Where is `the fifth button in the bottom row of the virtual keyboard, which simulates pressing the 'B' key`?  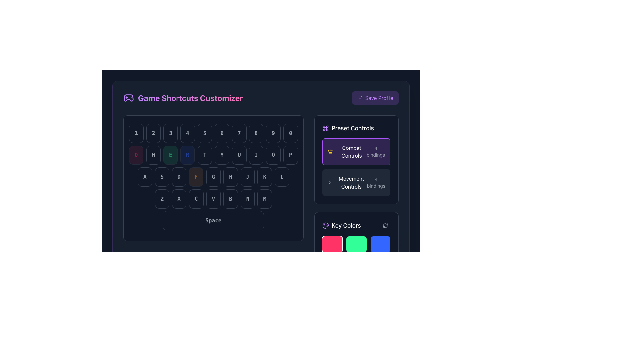
the fifth button in the bottom row of the virtual keyboard, which simulates pressing the 'B' key is located at coordinates (231, 199).